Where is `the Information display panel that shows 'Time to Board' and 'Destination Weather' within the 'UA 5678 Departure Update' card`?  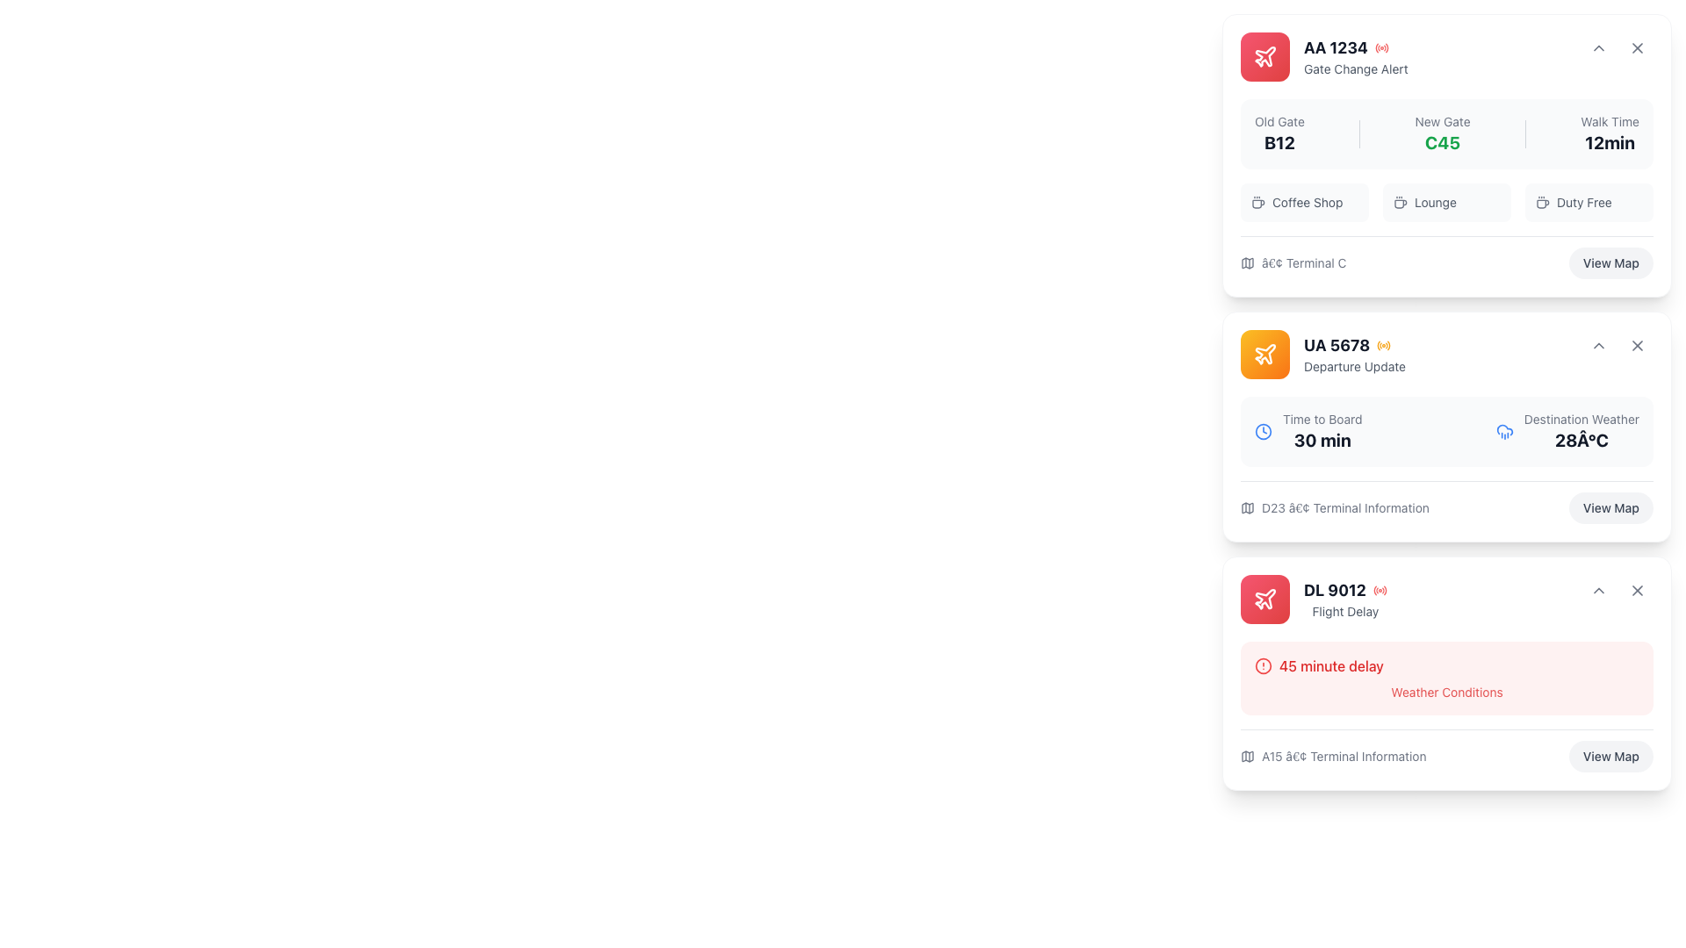 the Information display panel that shows 'Time to Board' and 'Destination Weather' within the 'UA 5678 Departure Update' card is located at coordinates (1446, 432).